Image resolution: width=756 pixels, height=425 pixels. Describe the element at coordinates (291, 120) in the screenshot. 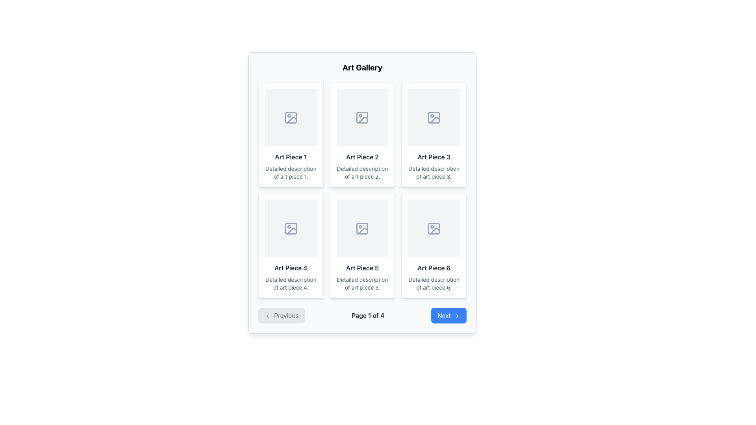

I see `the Decorative graphical element representing an image with a corner overlay, located in the top-left grid item labeled 'Art Piece 1.'` at that location.